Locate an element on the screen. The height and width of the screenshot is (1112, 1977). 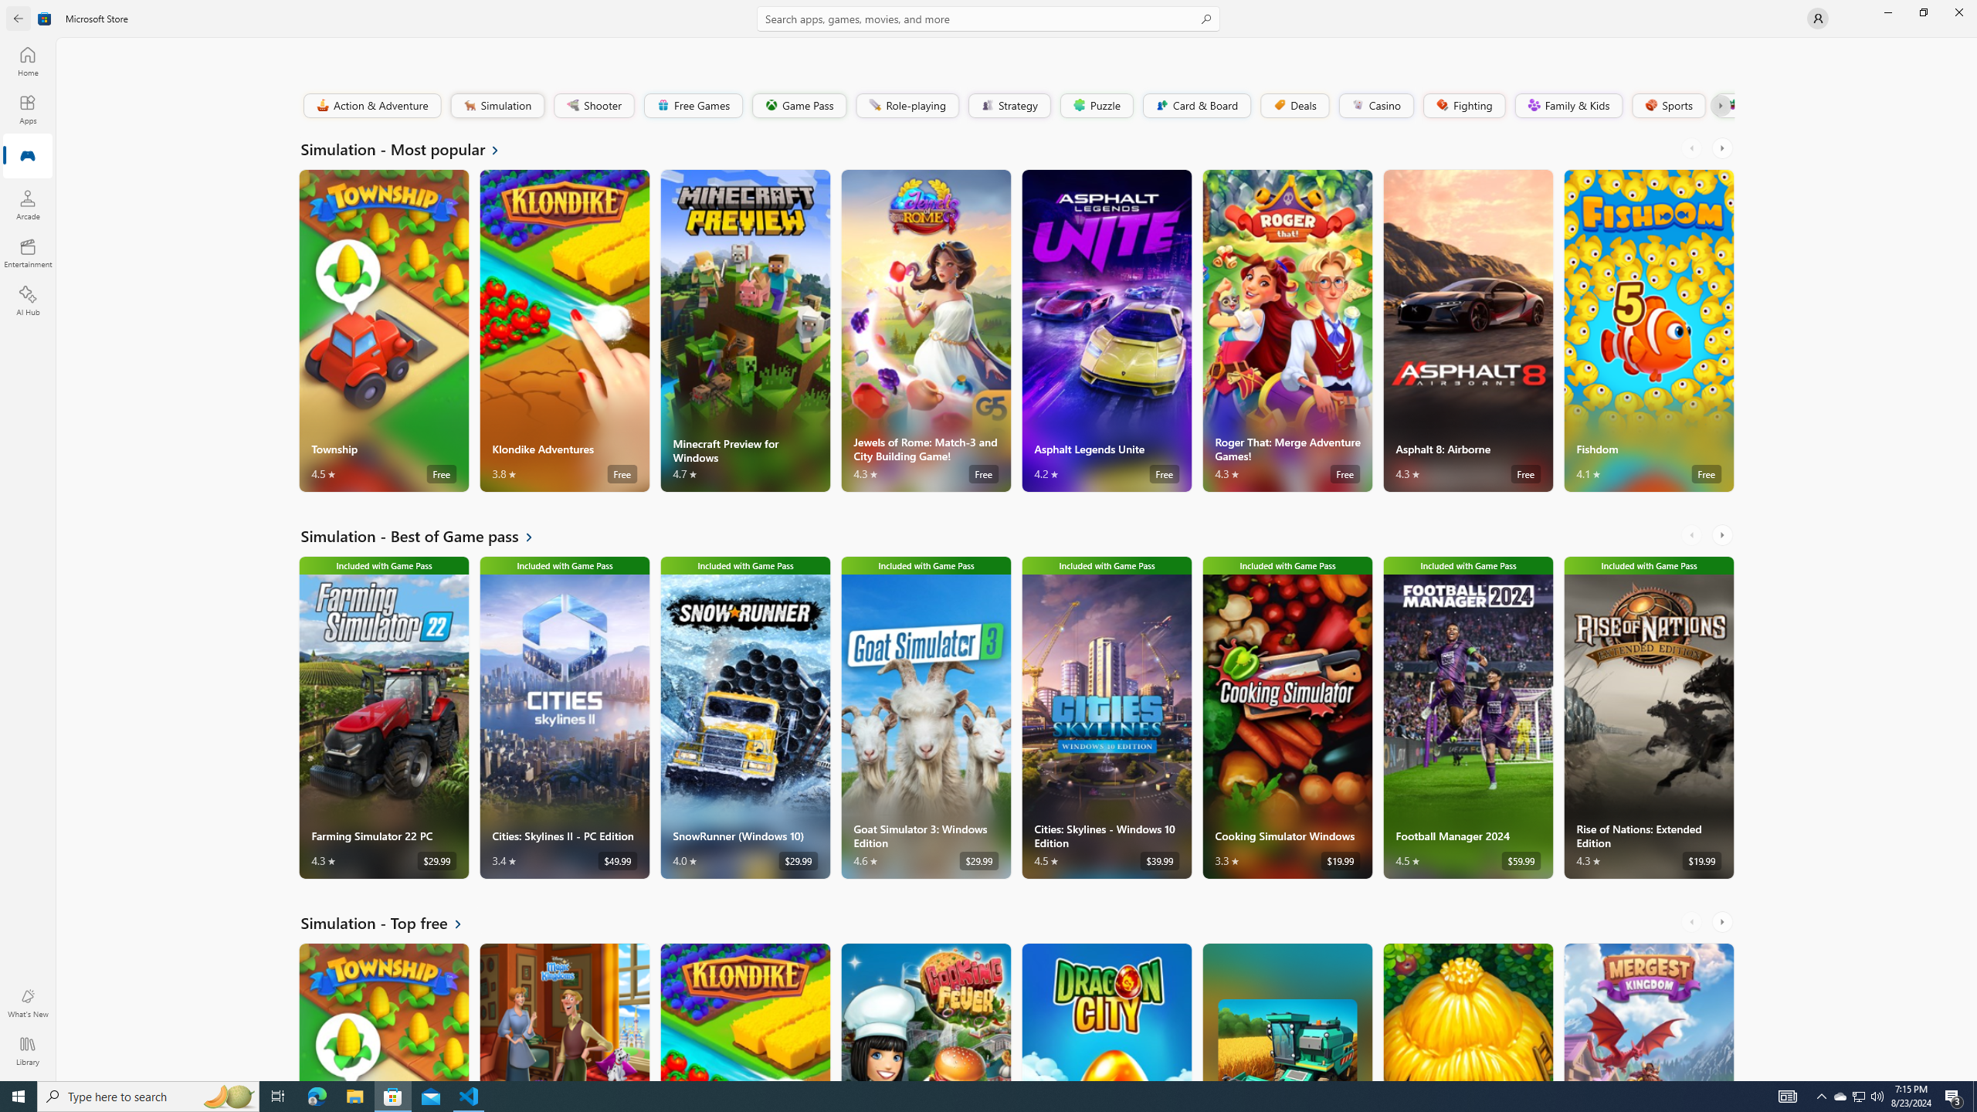
'Card & Board' is located at coordinates (1195, 104).